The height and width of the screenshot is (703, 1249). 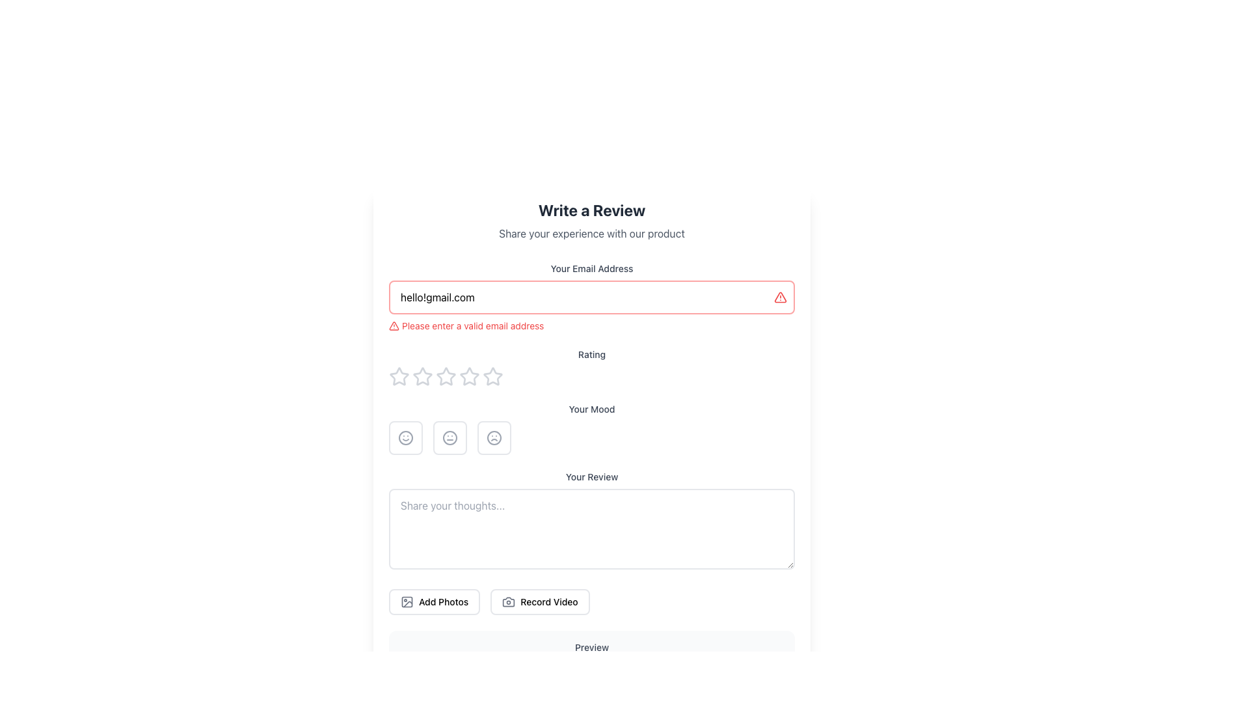 I want to click on the third icon in the mood selection interface, so click(x=493, y=437).